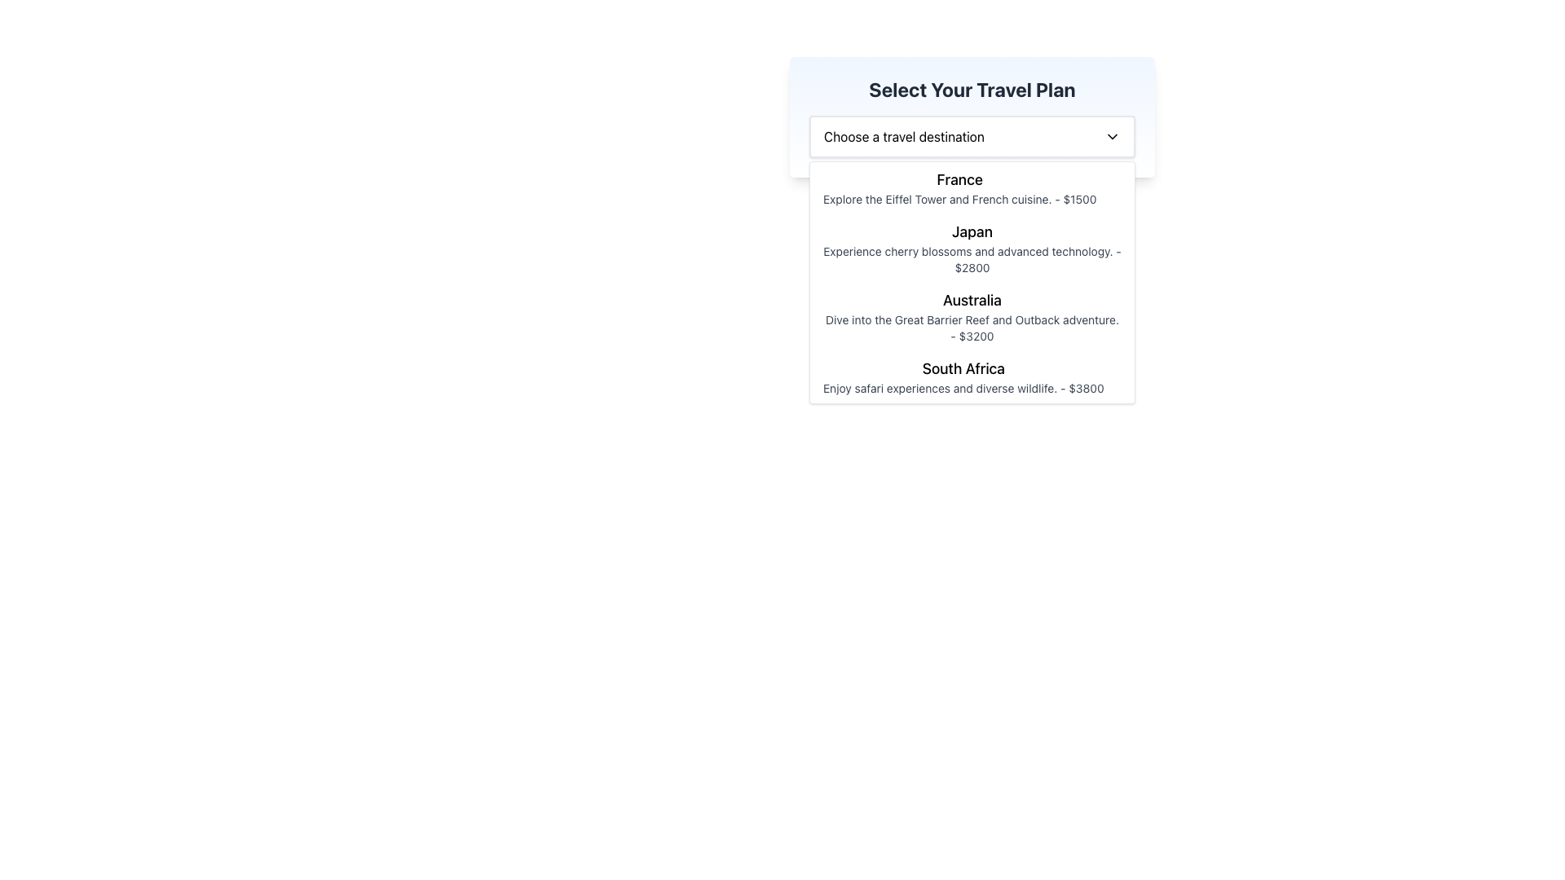 This screenshot has height=880, width=1565. I want to click on the downward-pointing arrow icon located to the right of the 'Choose a travel destination' dropdown button, so click(1111, 136).